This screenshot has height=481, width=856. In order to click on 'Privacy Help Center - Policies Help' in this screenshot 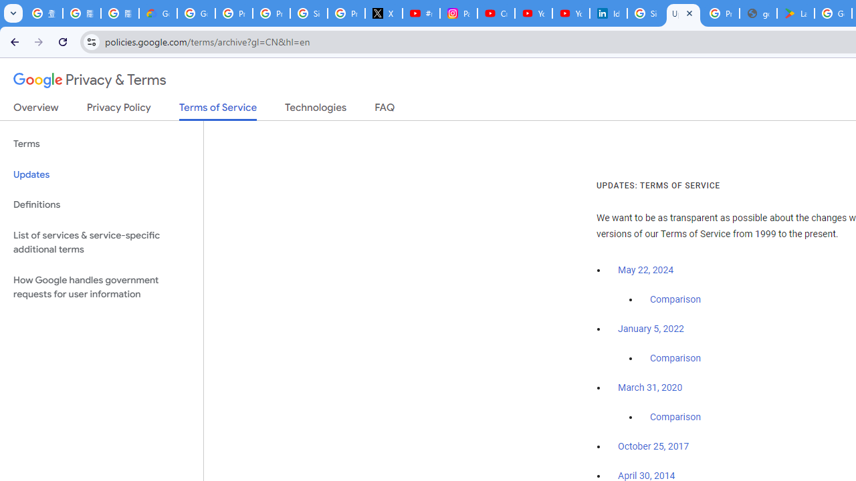, I will do `click(270, 13)`.